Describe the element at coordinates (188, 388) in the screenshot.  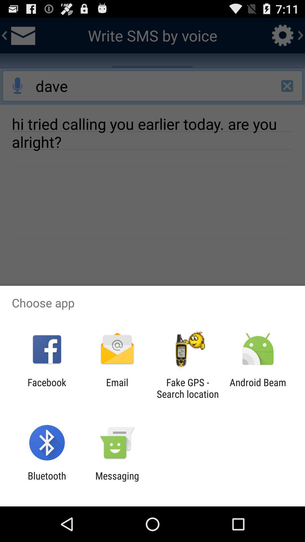
I see `the item next to the android beam` at that location.